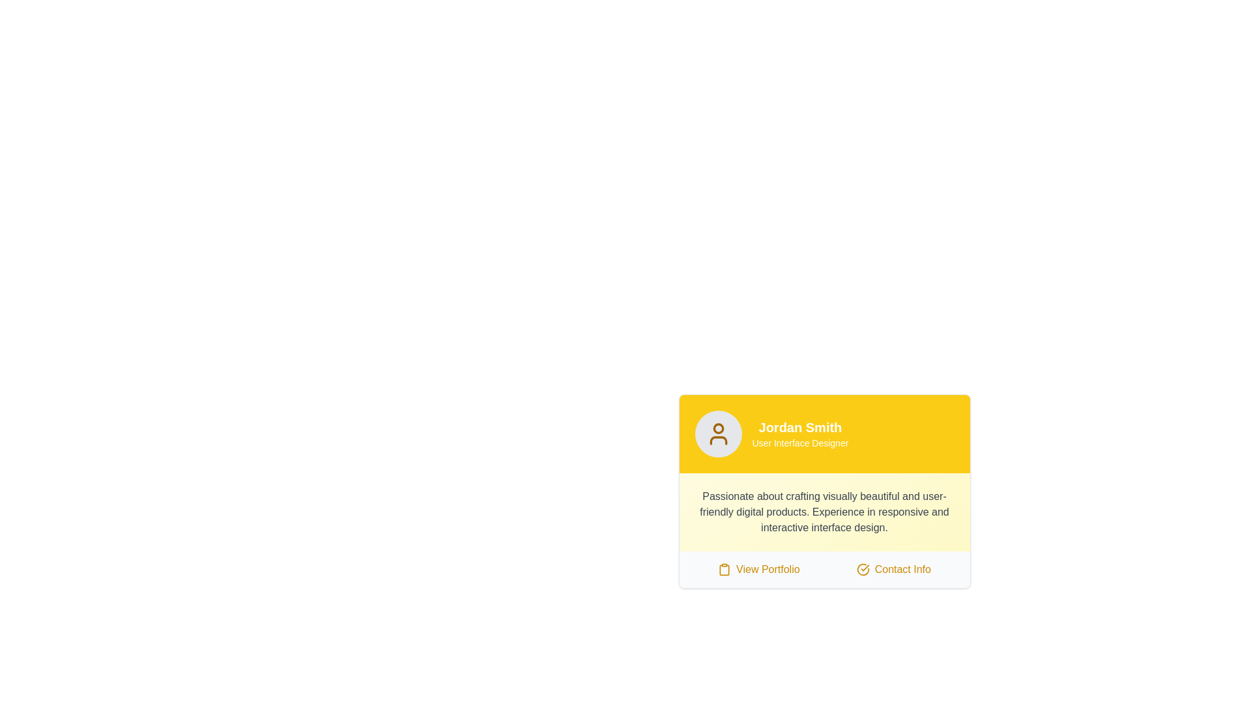  Describe the element at coordinates (863, 569) in the screenshot. I see `the circular icon with a checkmark inside, positioned to the left of the 'Contact Info' text, within the clickable area of the card component` at that location.